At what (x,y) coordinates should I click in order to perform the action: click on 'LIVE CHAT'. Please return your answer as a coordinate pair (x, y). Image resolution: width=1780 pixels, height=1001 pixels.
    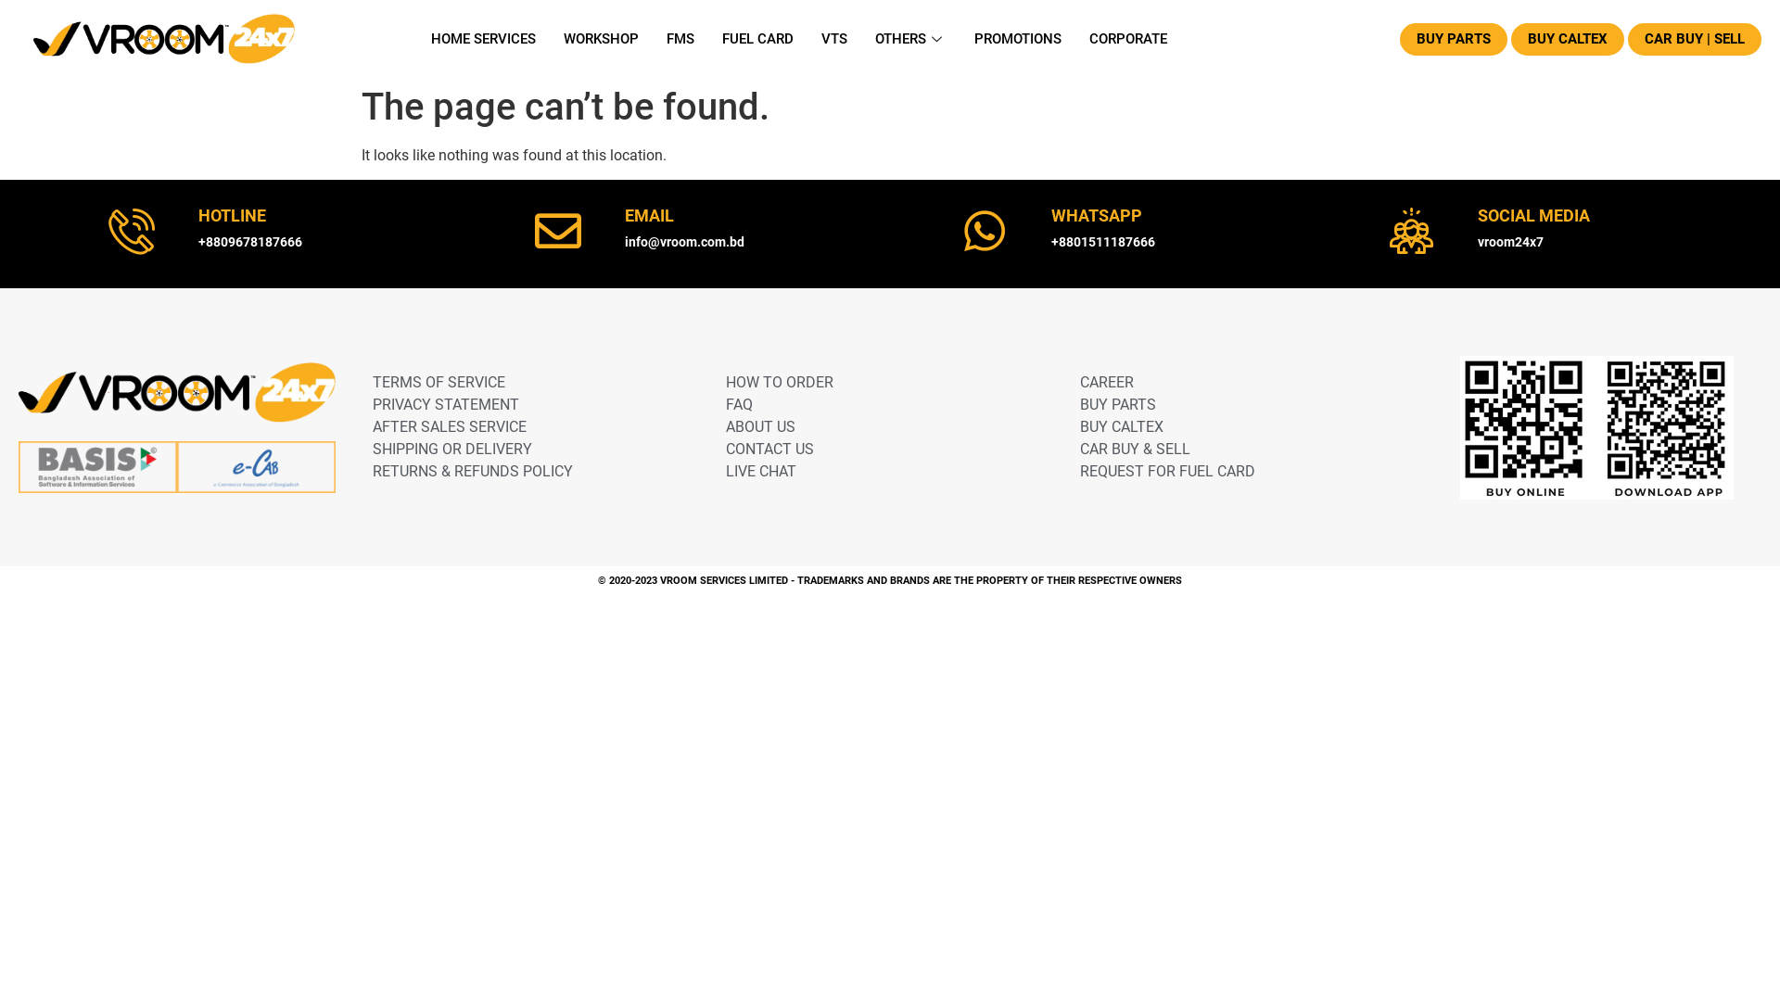
    Looking at the image, I should click on (724, 471).